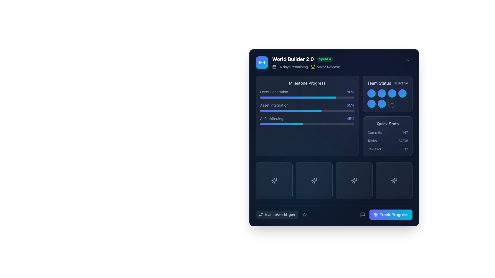 The image size is (495, 278). I want to click on the progress bar segment located under the 'Milestone Progress' title, so click(307, 107).